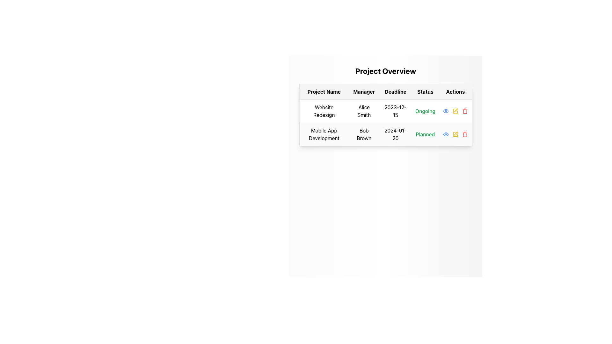 This screenshot has height=344, width=612. I want to click on the edit icon button in the Actions column for the project 'Website Redesign', so click(455, 111).